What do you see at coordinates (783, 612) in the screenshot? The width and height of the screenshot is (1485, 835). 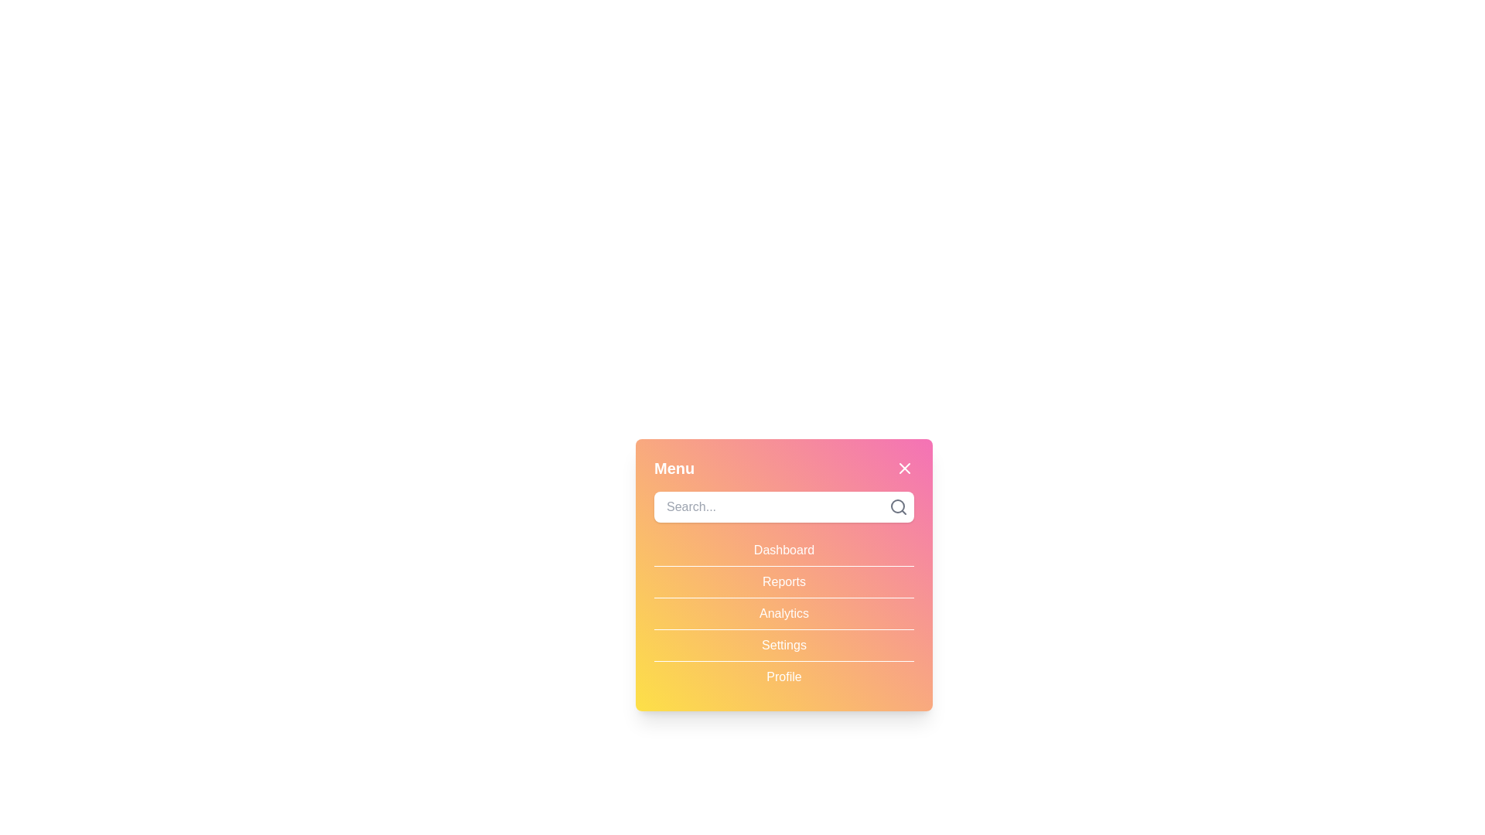 I see `the menu item Analytics to observe hover effects` at bounding box center [783, 612].